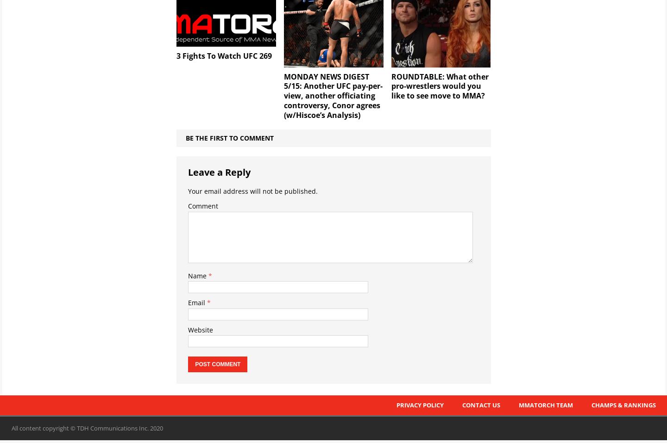  Describe the element at coordinates (229, 137) in the screenshot. I see `'Be the first to comment'` at that location.